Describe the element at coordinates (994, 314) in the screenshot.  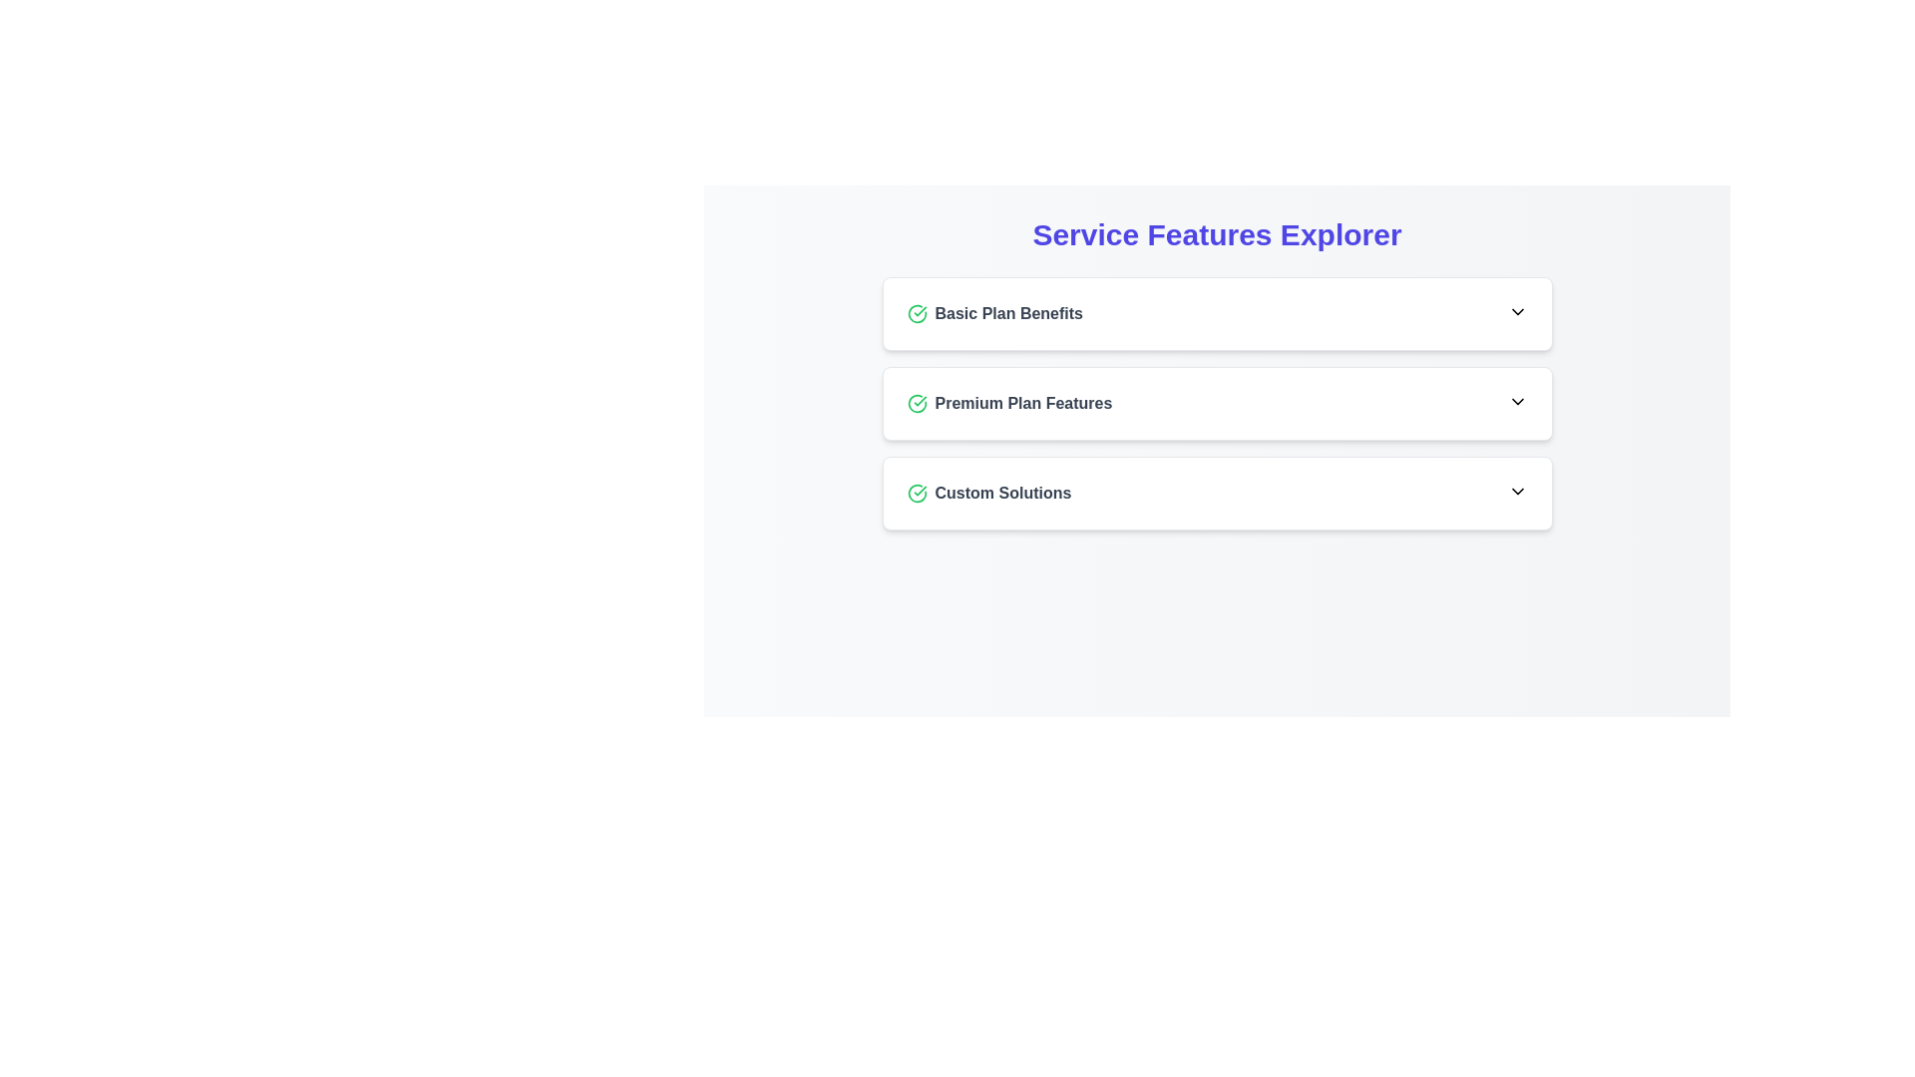
I see `the first list item representing the 'Basic Plan'` at that location.